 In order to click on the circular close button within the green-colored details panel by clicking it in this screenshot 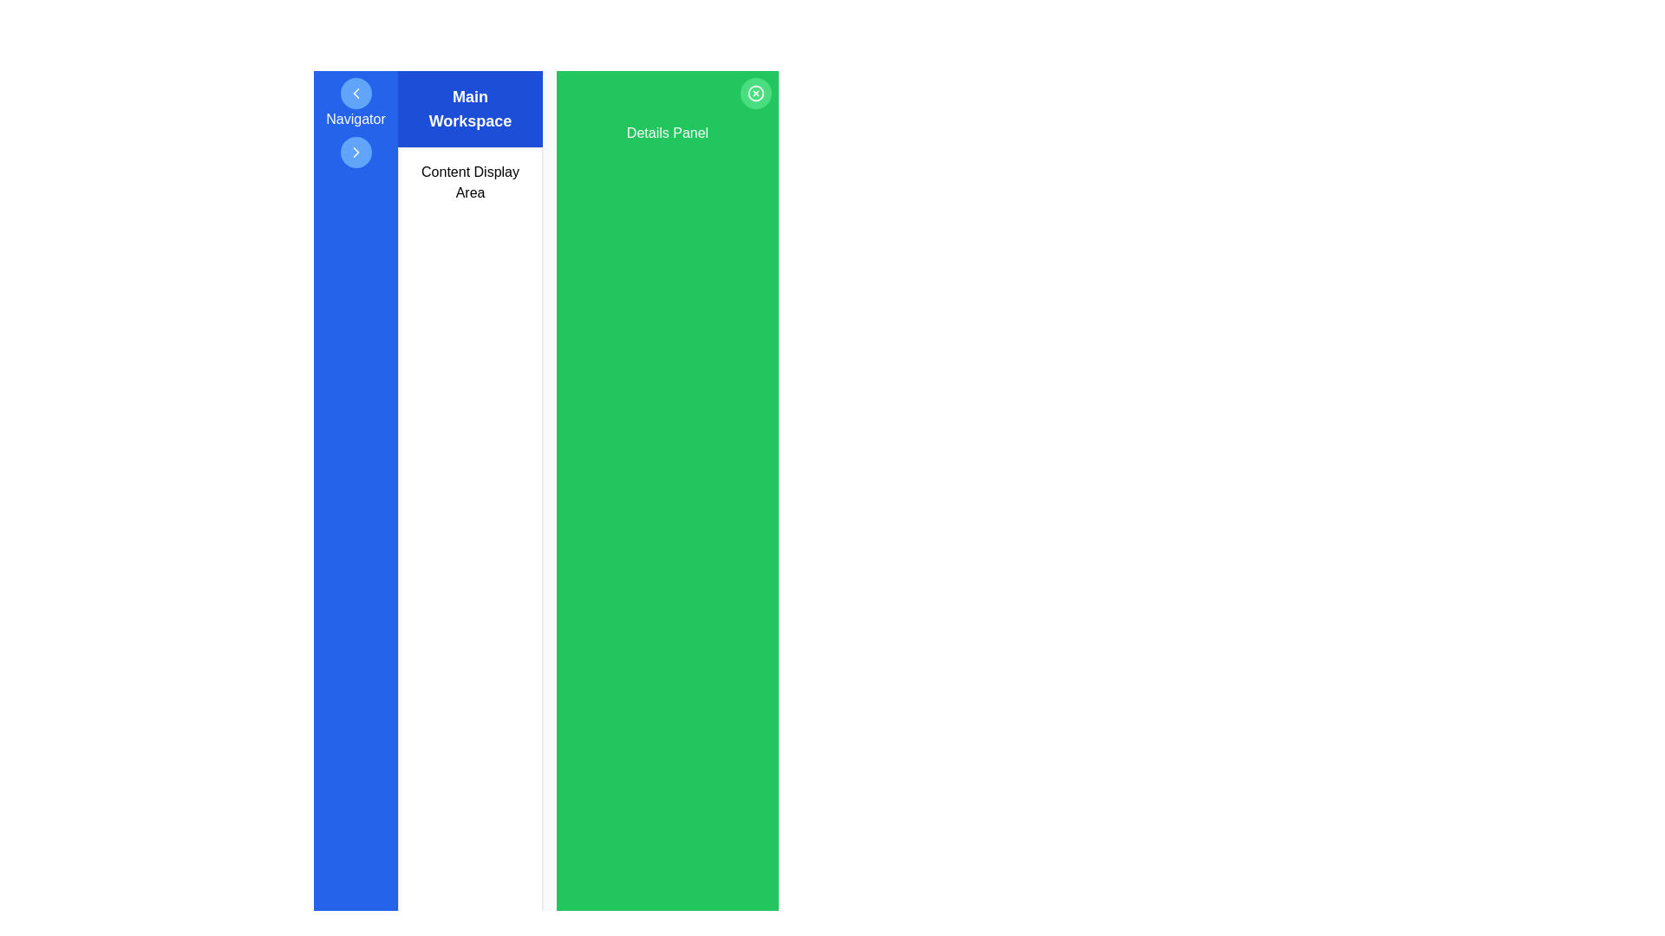, I will do `click(756, 94)`.